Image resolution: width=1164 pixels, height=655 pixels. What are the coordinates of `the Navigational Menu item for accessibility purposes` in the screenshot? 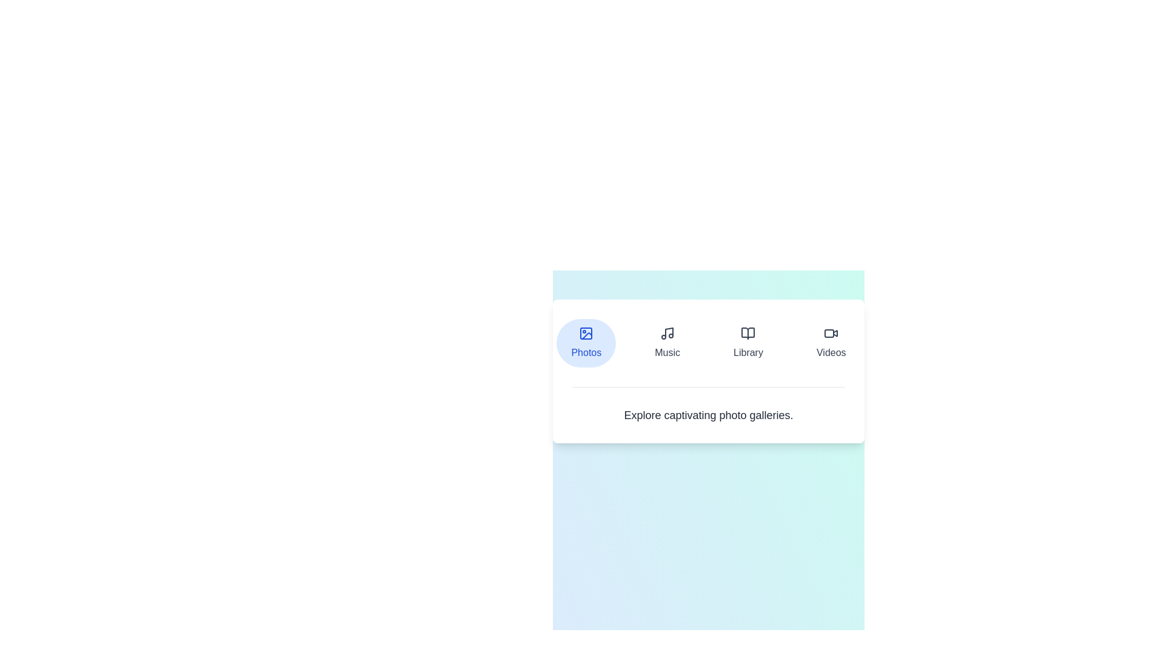 It's located at (709, 353).